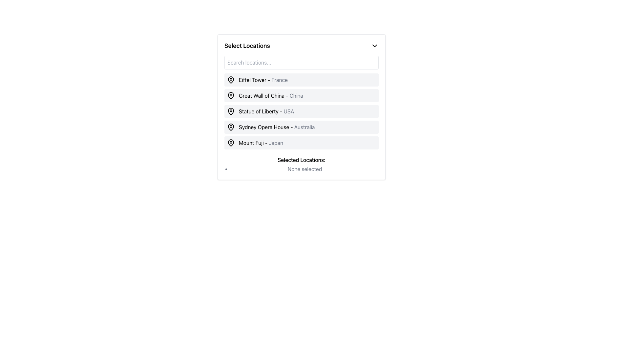 The image size is (630, 354). I want to click on the selectable list item labeled 'Eiffel Tower - France', so click(263, 79).